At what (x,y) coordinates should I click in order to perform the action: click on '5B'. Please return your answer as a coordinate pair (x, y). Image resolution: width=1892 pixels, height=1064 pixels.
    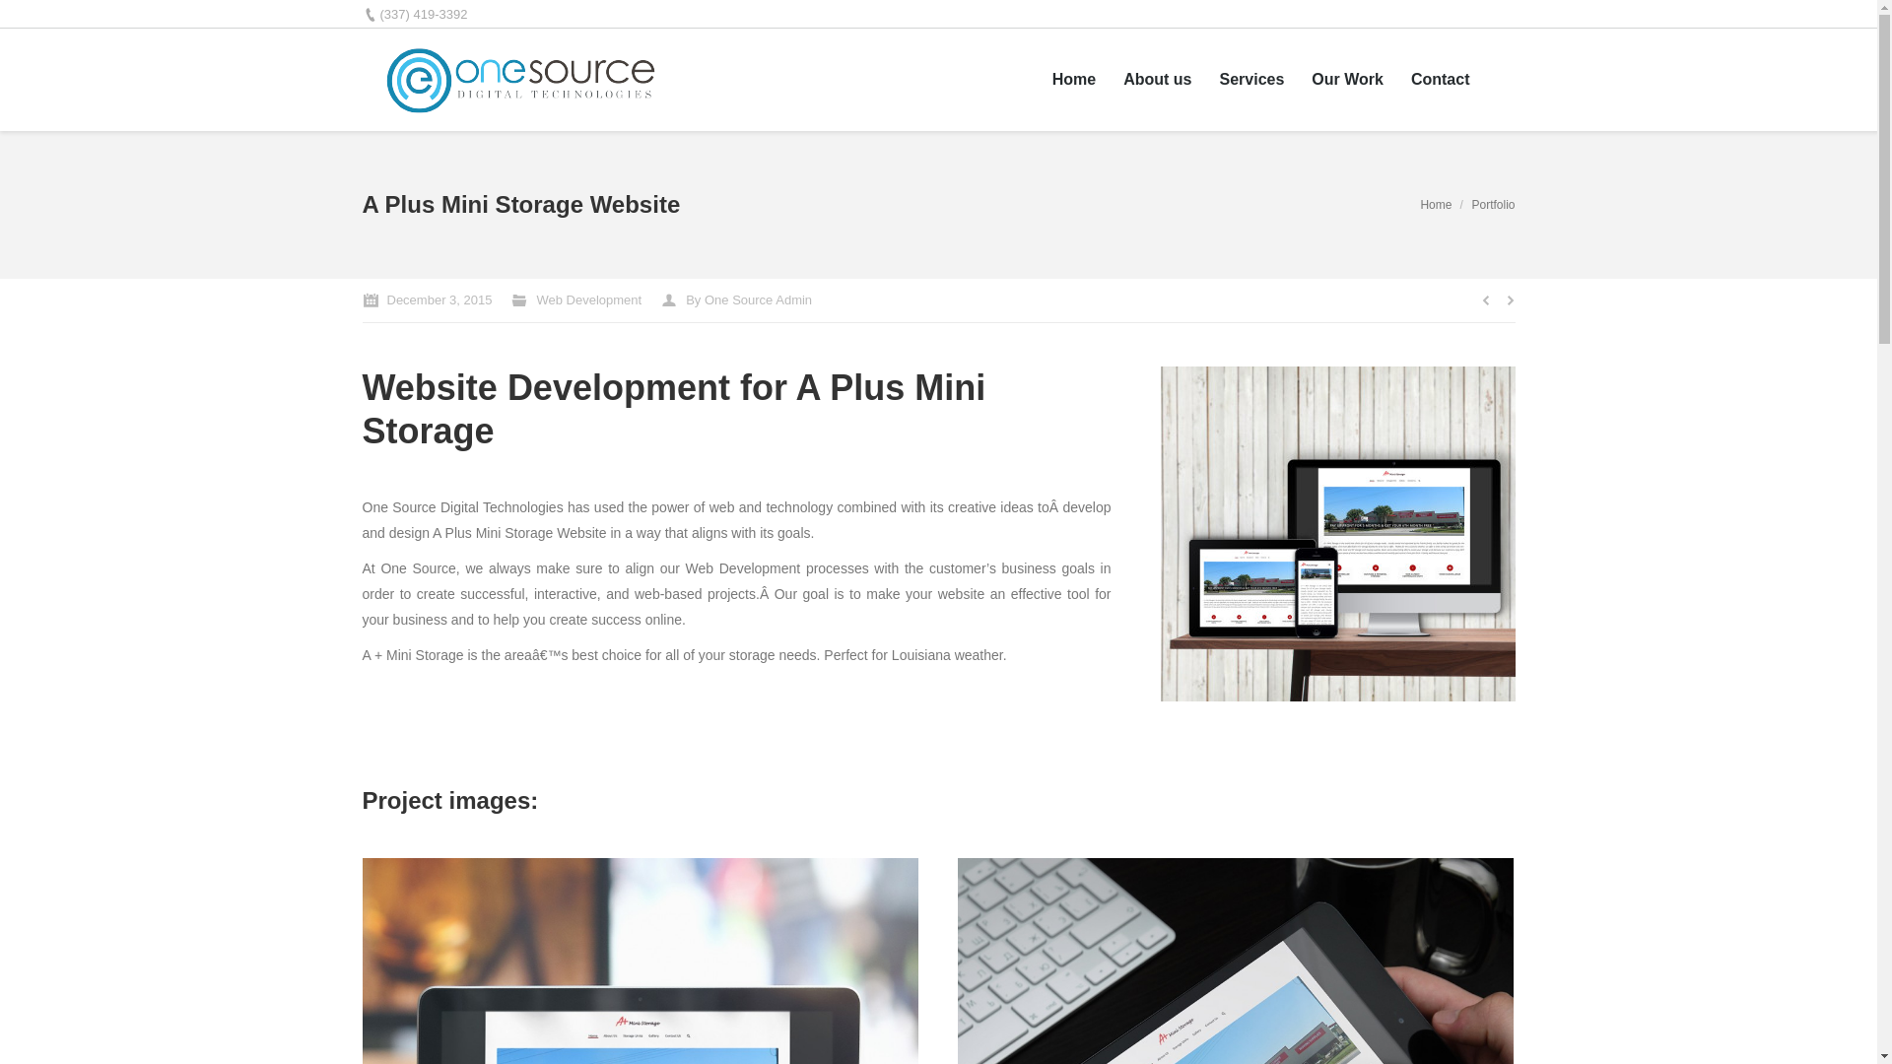
    Looking at the image, I should click on (1160, 534).